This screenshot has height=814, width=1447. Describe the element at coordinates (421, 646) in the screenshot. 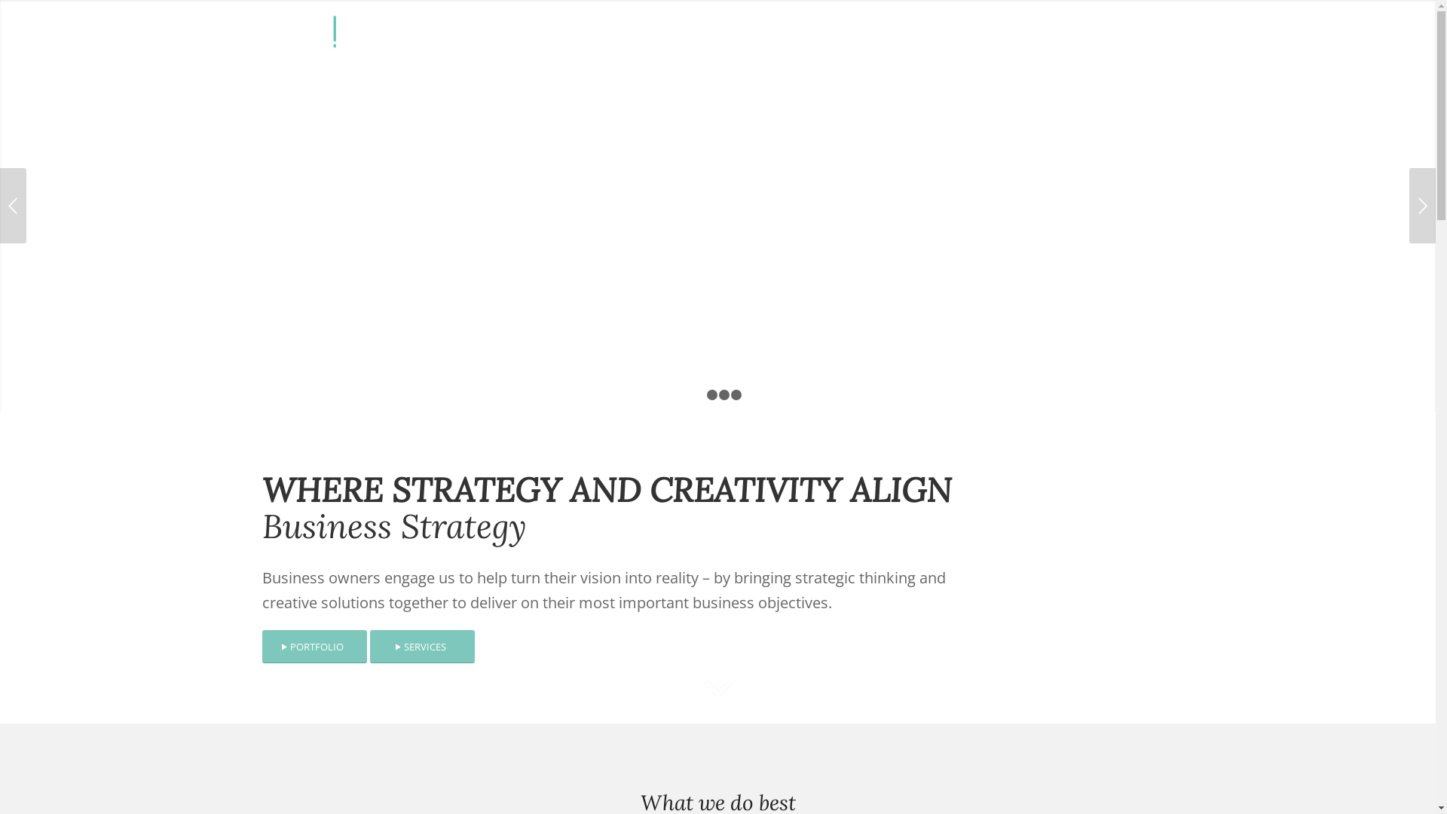

I see `'SERVICES'` at that location.